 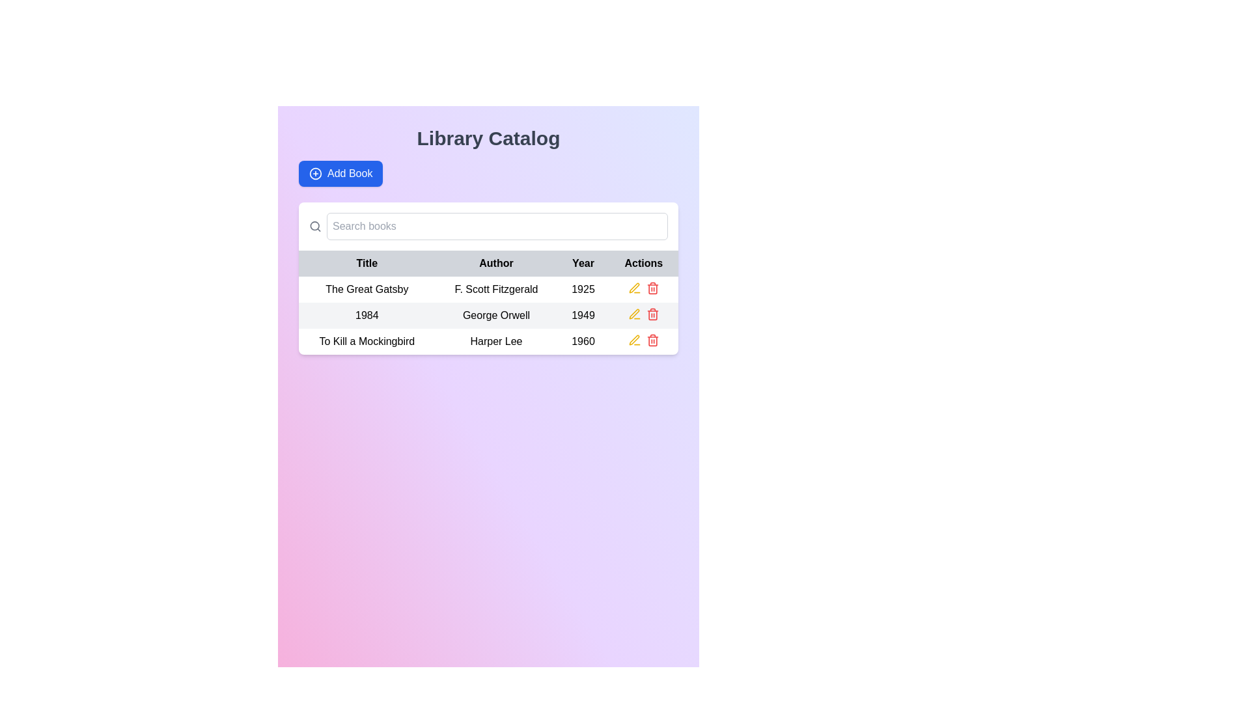 What do you see at coordinates (634, 287) in the screenshot?
I see `the stylized yellowish-gold pen icon located in the 'Actions' column, adjacent to the '1984' title` at bounding box center [634, 287].